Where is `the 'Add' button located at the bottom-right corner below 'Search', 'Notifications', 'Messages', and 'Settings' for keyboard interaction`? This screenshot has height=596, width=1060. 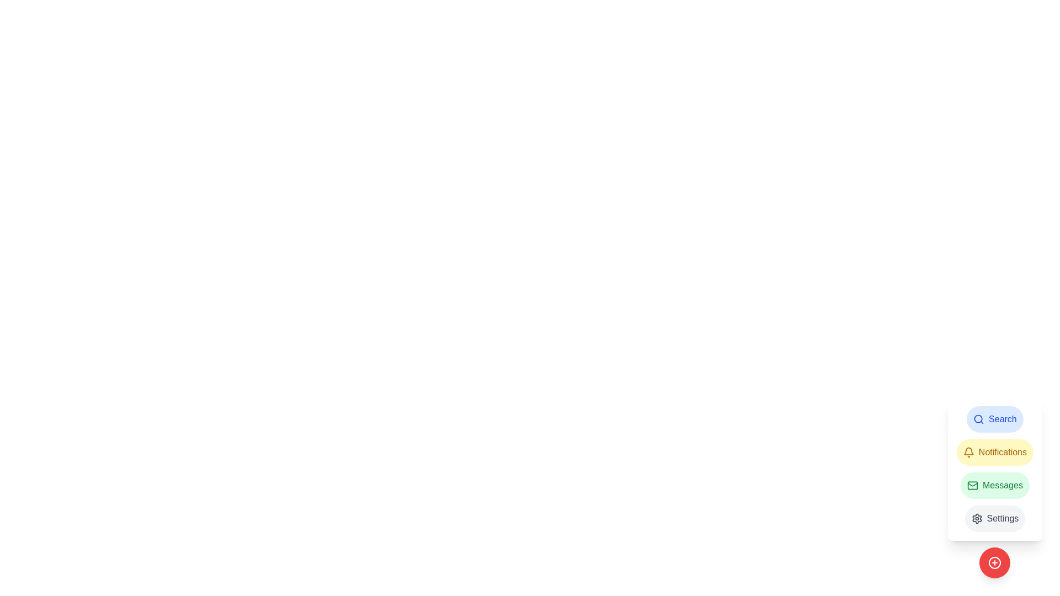 the 'Add' button located at the bottom-right corner below 'Search', 'Notifications', 'Messages', and 'Settings' for keyboard interaction is located at coordinates (995, 562).